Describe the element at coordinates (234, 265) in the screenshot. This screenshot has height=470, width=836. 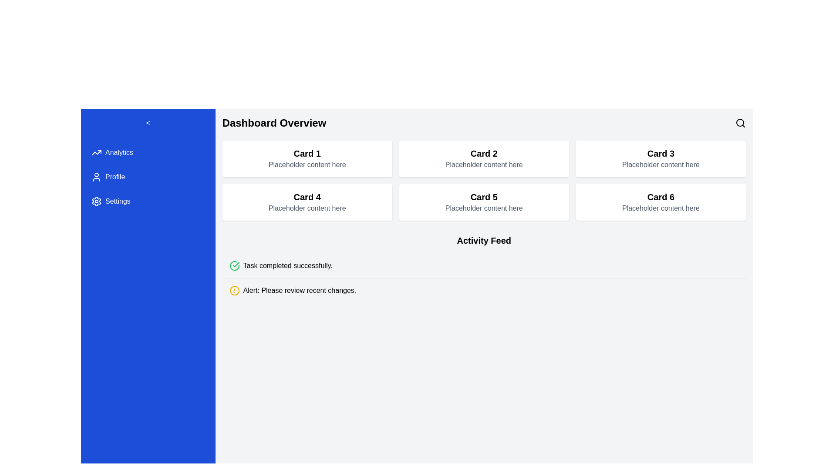
I see `the success icon in the Activity Feed section, which indicates that a task was completed successfully, located near the text 'Task completed successfully.'` at that location.